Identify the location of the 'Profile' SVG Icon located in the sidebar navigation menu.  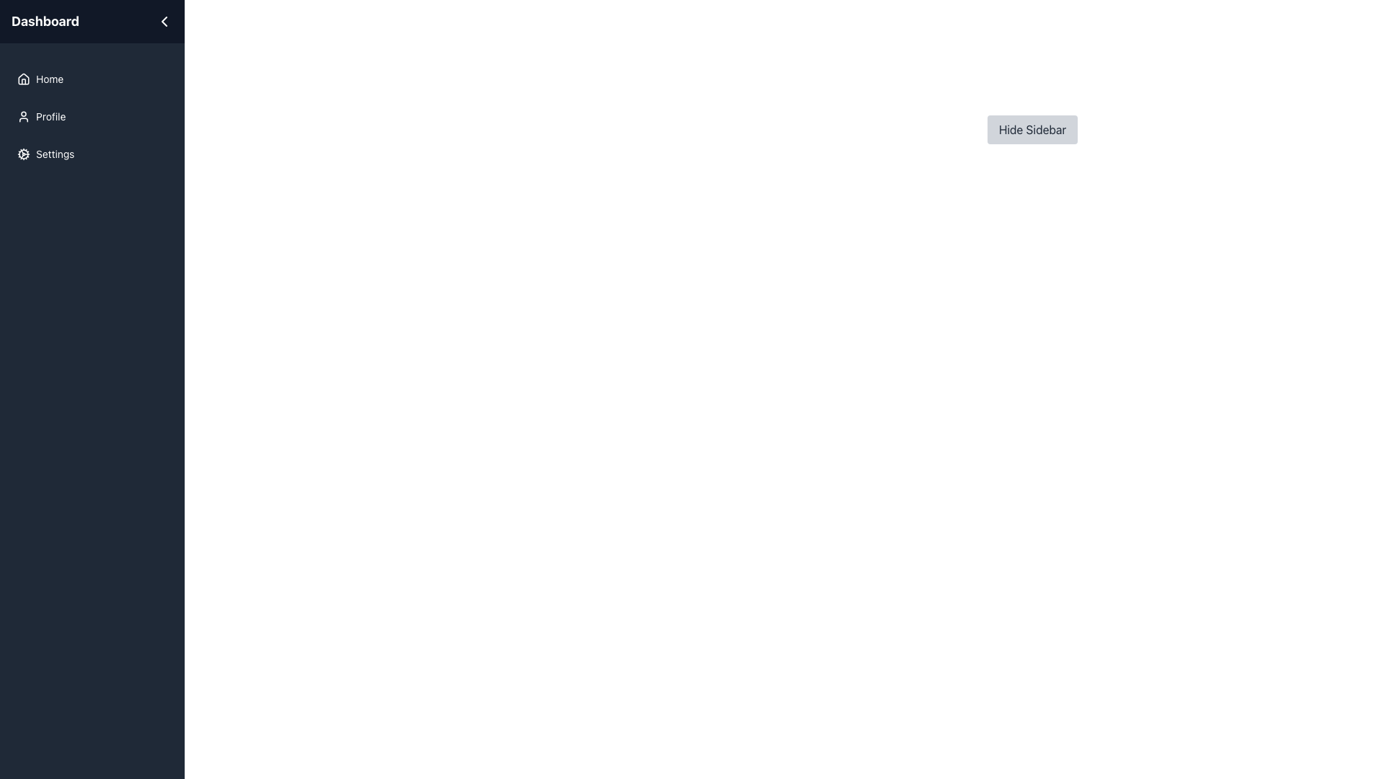
(24, 116).